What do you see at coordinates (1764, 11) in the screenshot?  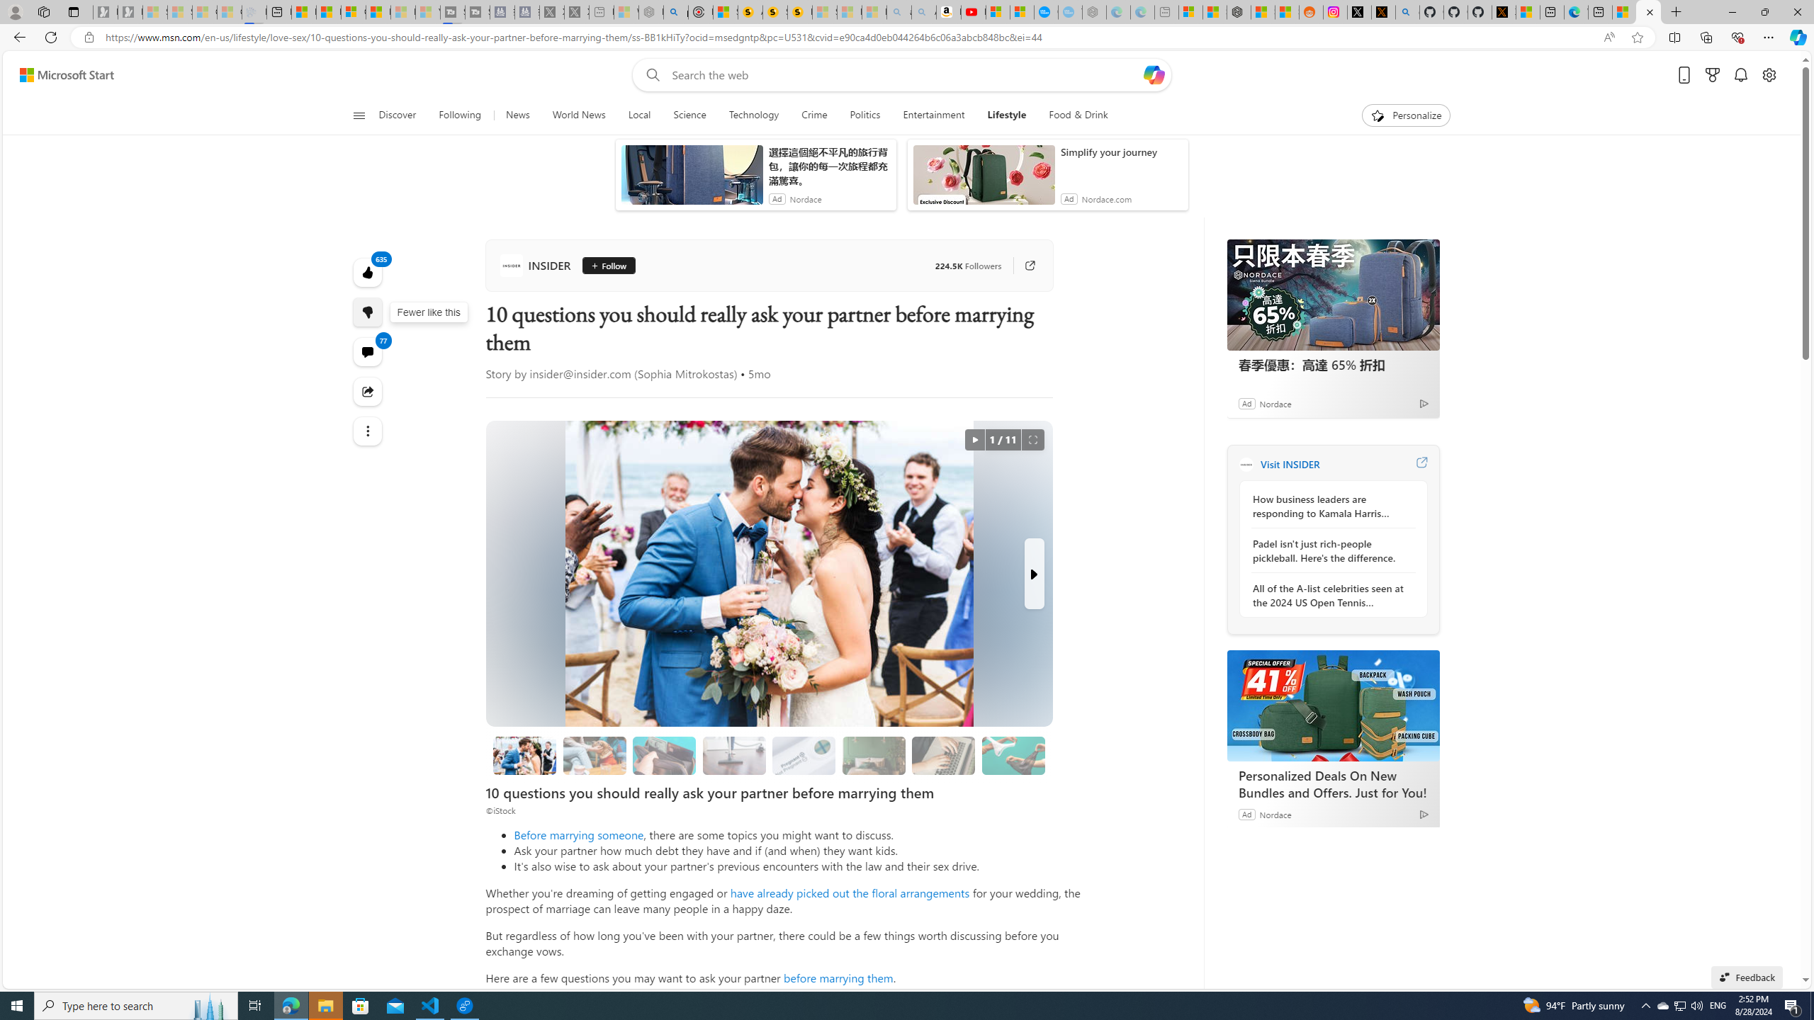 I see `'Restore'` at bounding box center [1764, 11].